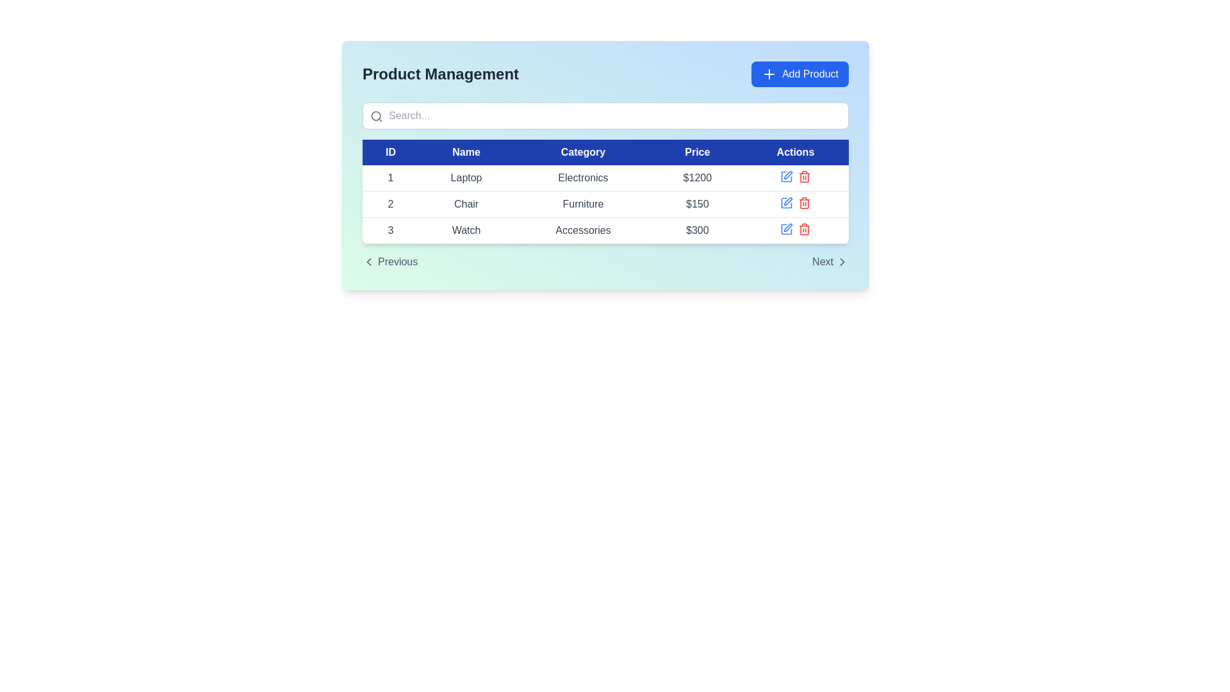 This screenshot has height=692, width=1230. What do you see at coordinates (803, 177) in the screenshot?
I see `the decorative vertical line of the trash can icon used for deleting the row corresponding to the third product, 'Watch'` at bounding box center [803, 177].